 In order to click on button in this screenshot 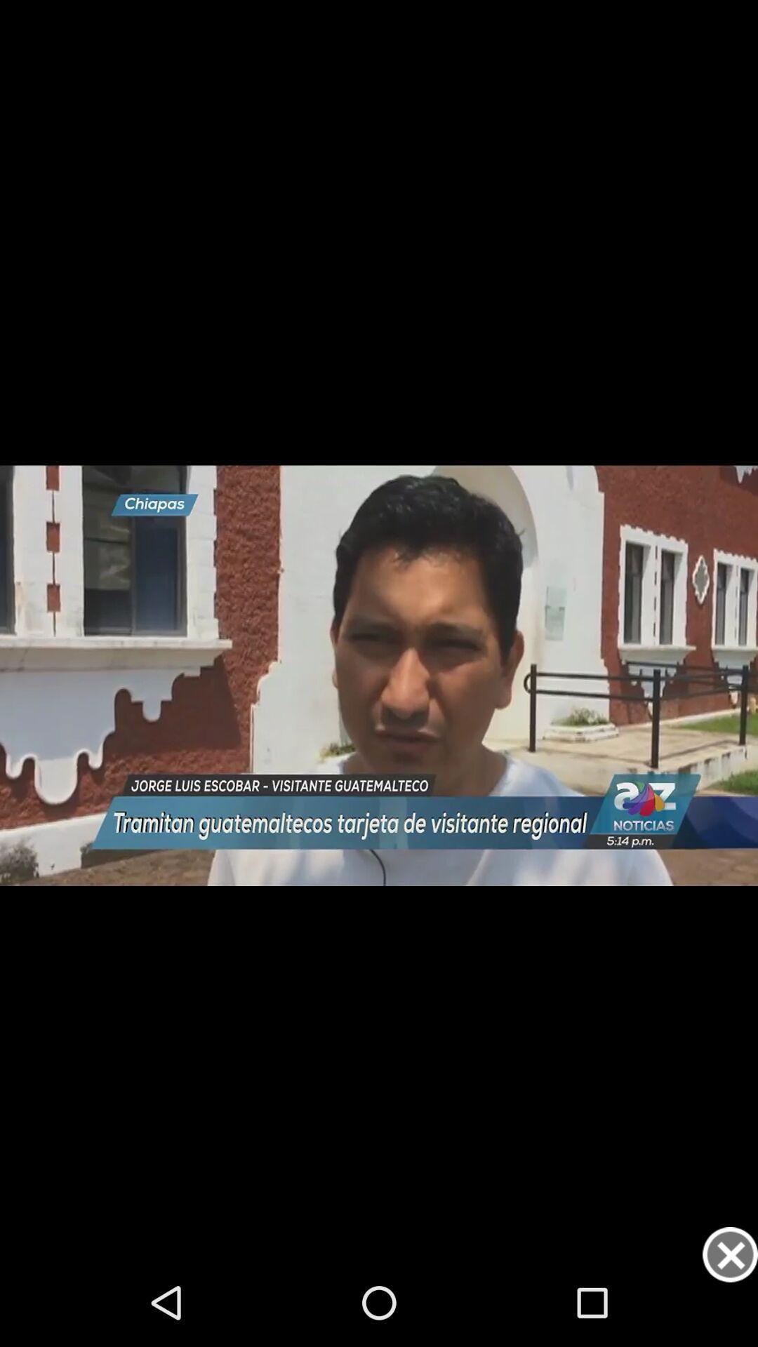, I will do `click(729, 1254)`.